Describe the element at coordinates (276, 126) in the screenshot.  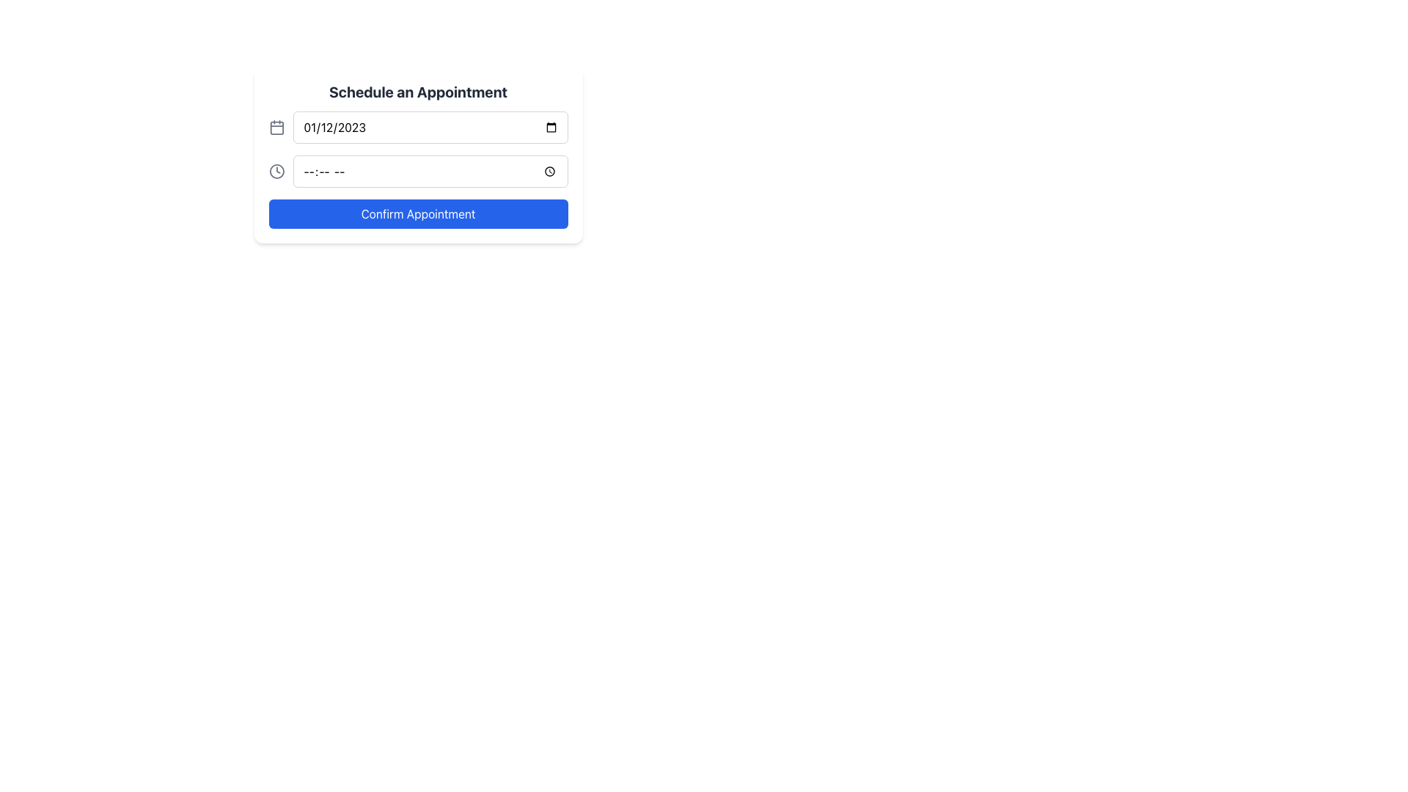
I see `the calendar icon, which is the first icon in a row at the top of the form, located to the left of the date input field` at that location.